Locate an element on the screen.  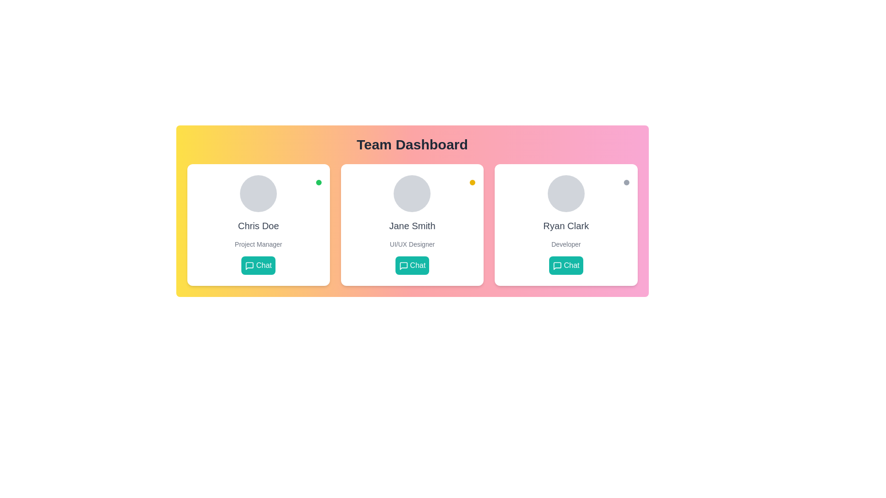
the Text label that indicates the professional role of the individual 'Chris Doe', located just below the name and above the teal 'Chat' button is located at coordinates (258, 243).